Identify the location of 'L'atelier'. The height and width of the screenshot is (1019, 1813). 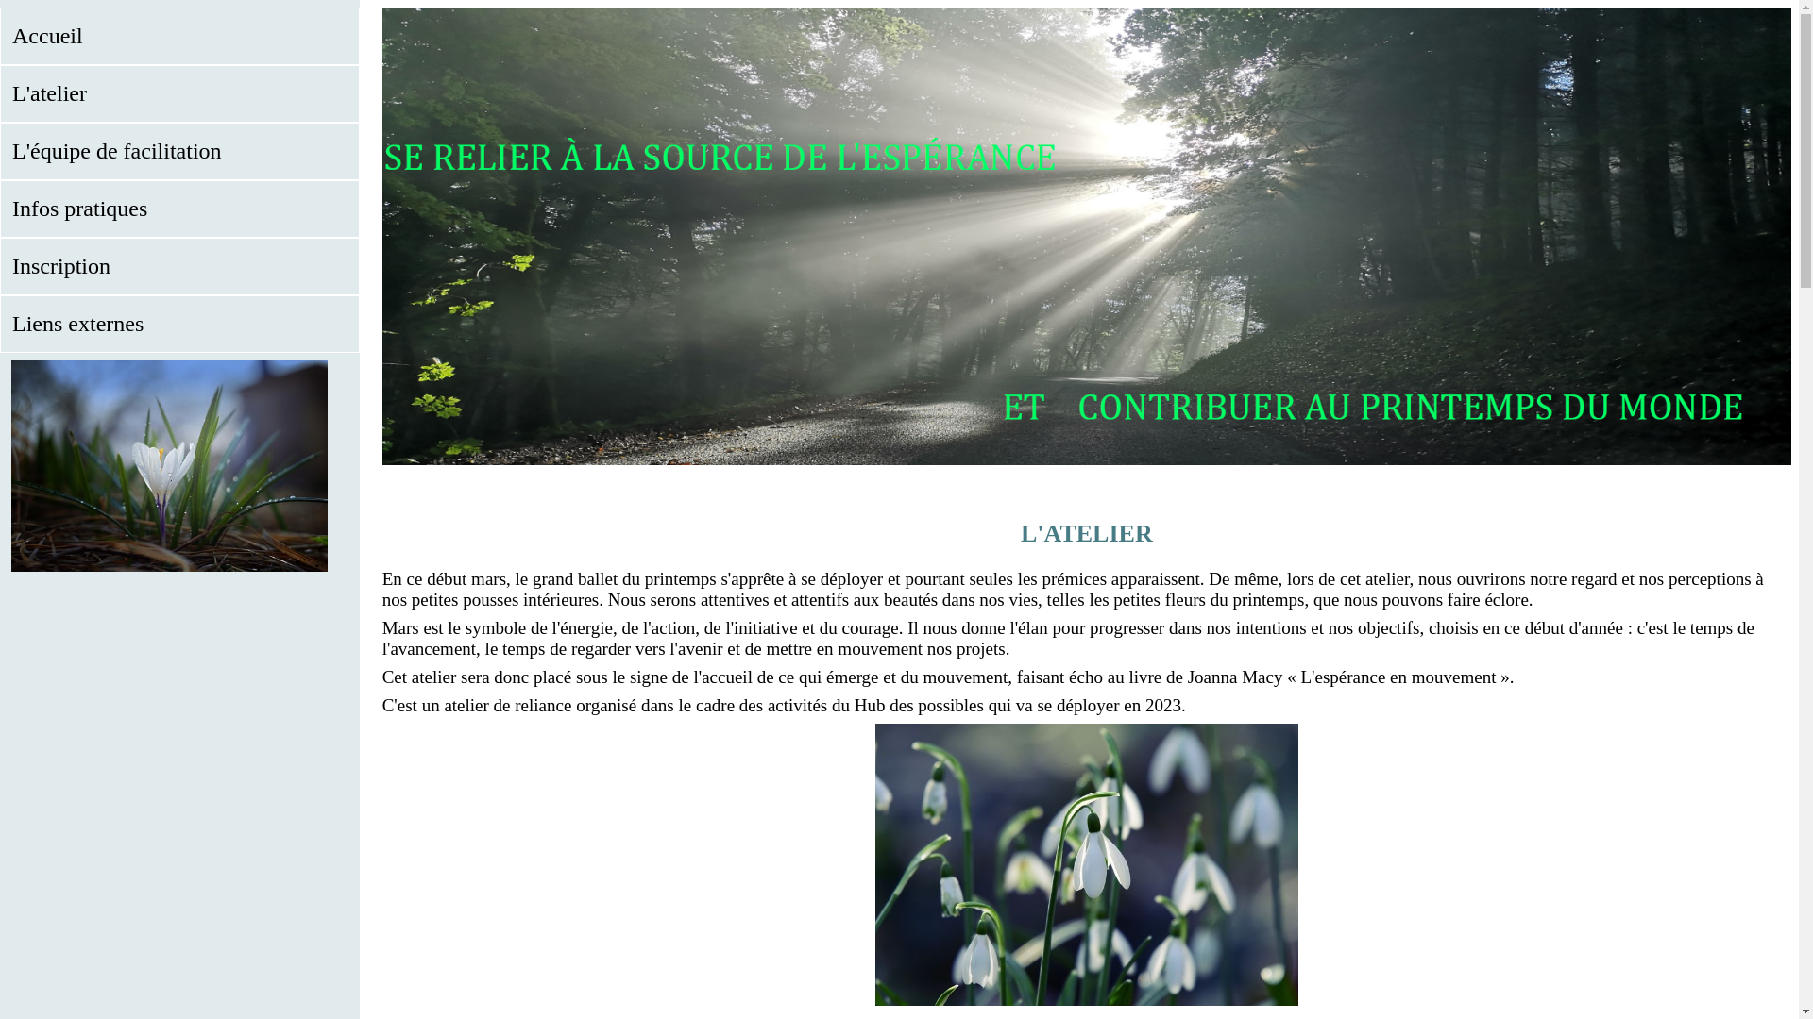
(179, 93).